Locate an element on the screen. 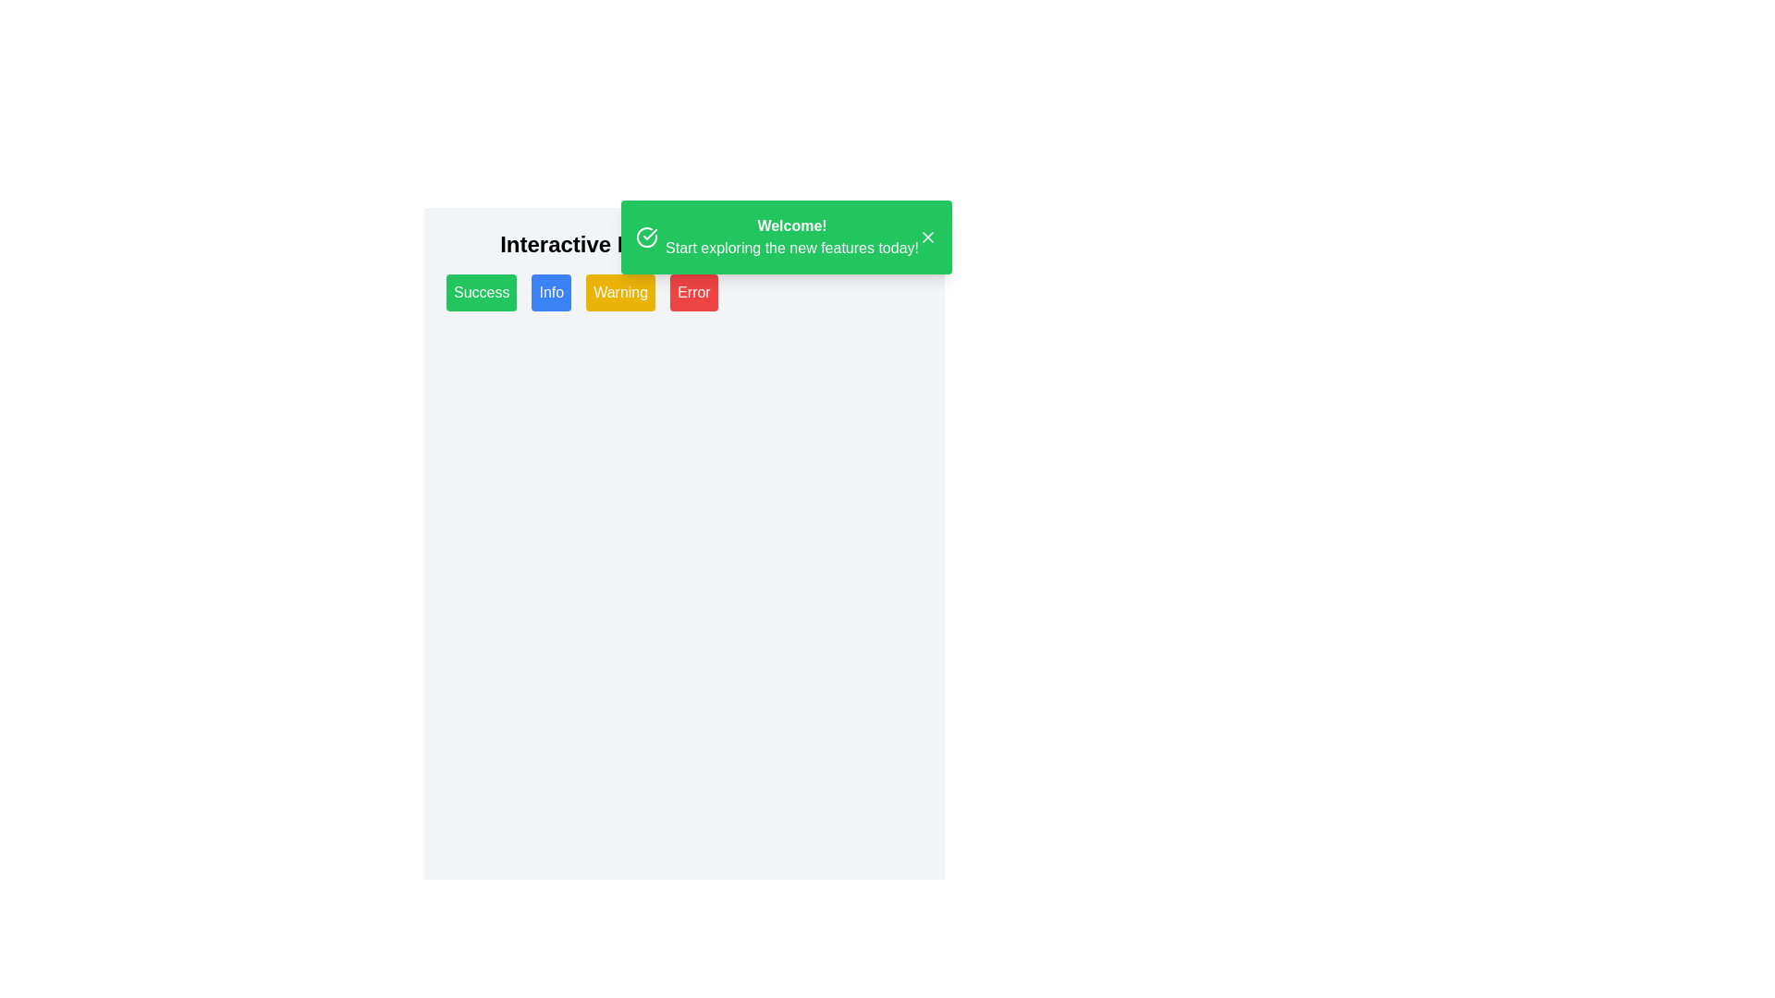  the greeting text label located at the top-right section of the green notification bar is located at coordinates (792, 225).